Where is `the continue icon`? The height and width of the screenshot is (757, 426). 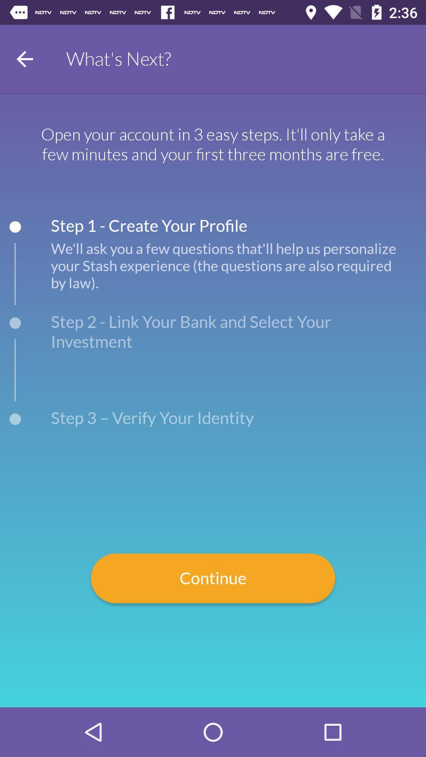 the continue icon is located at coordinates (213, 578).